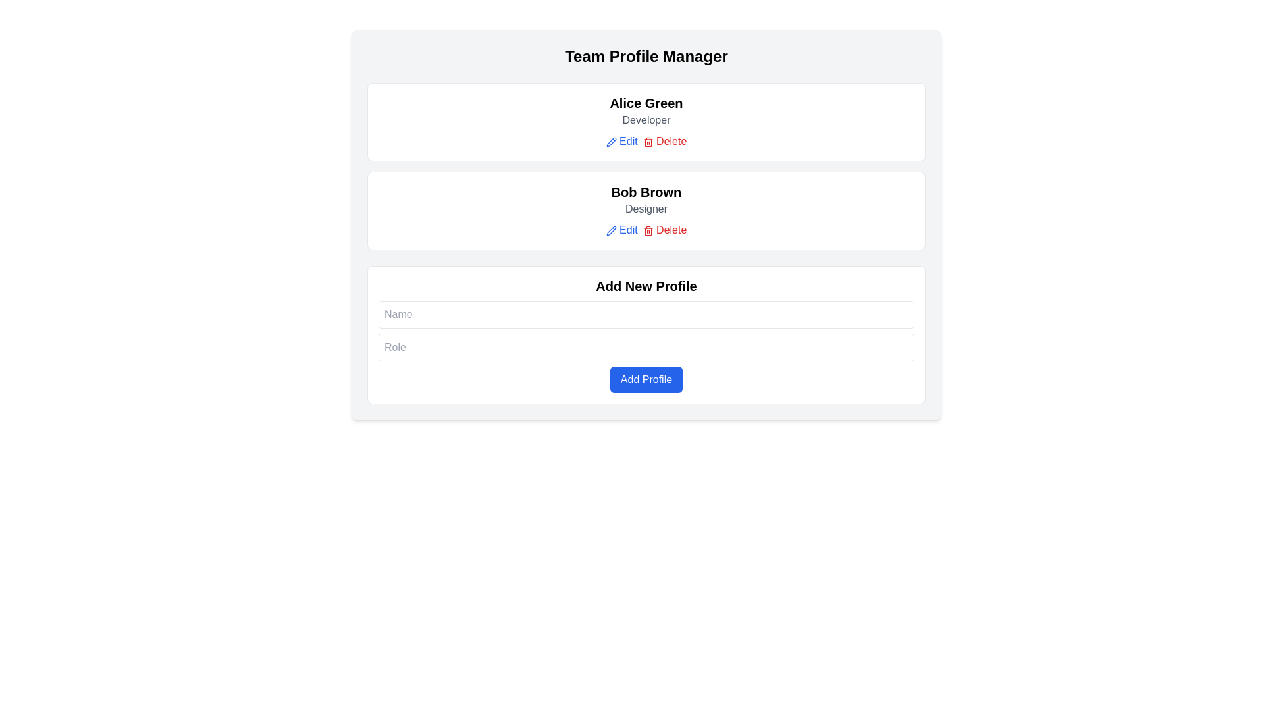 The width and height of the screenshot is (1264, 711). What do you see at coordinates (621, 142) in the screenshot?
I see `the edit profile link located in the row under 'Alice Green', positioned left of the 'Delete' link` at bounding box center [621, 142].